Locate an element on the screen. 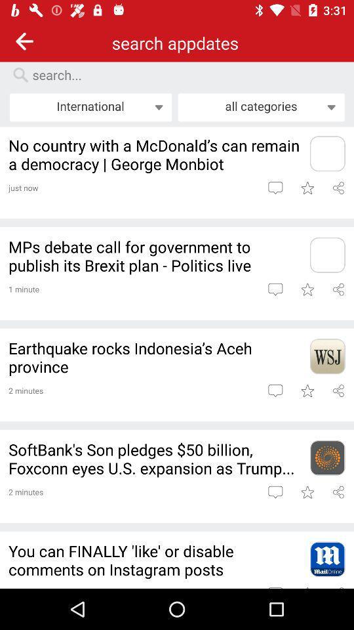  search box is located at coordinates (182, 75).